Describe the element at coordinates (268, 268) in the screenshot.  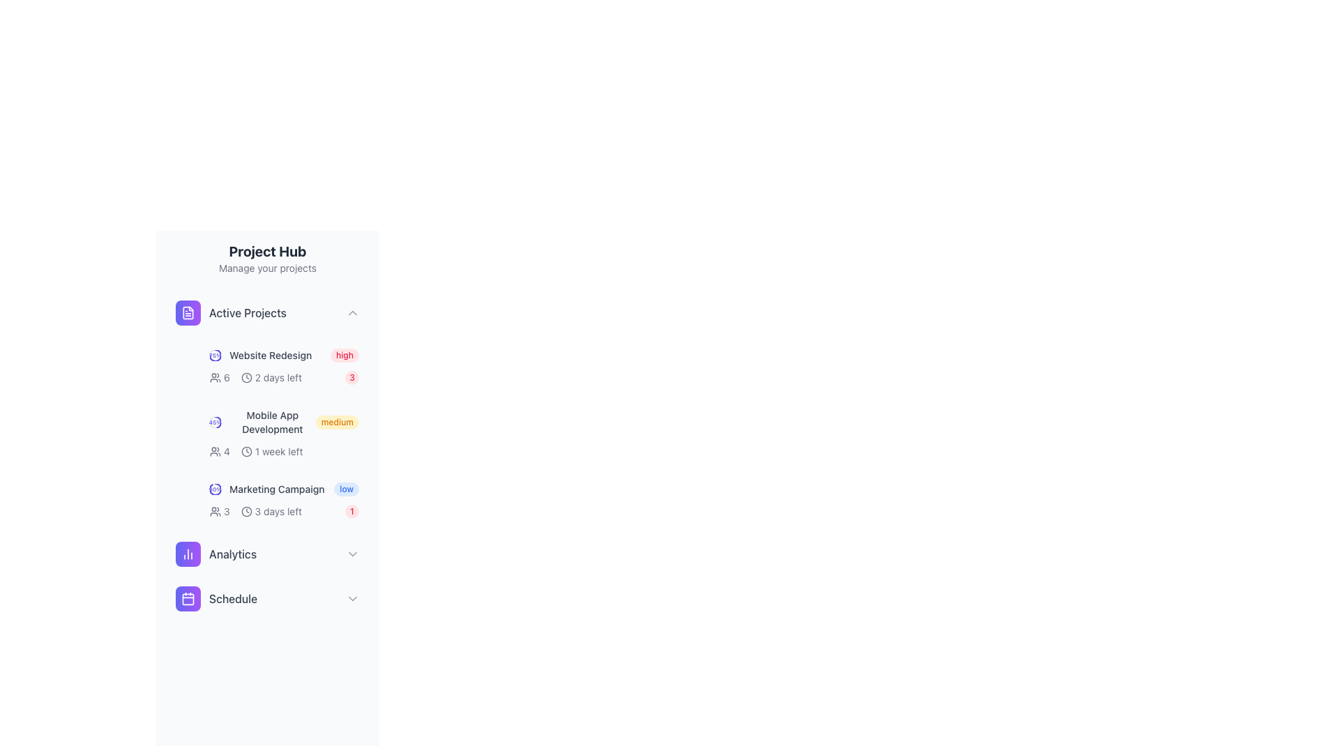
I see `the subtitle text that provides context to the 'Project Hub' section, located directly underneath the title` at that location.